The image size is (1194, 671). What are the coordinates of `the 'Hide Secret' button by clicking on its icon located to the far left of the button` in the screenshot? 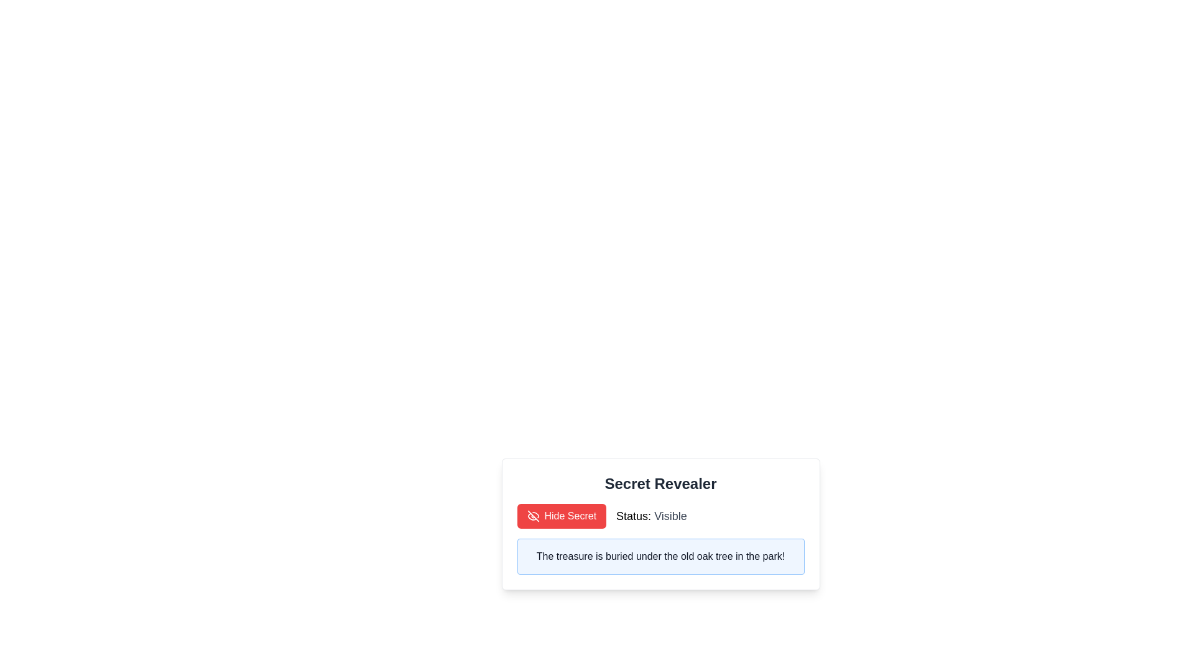 It's located at (533, 516).